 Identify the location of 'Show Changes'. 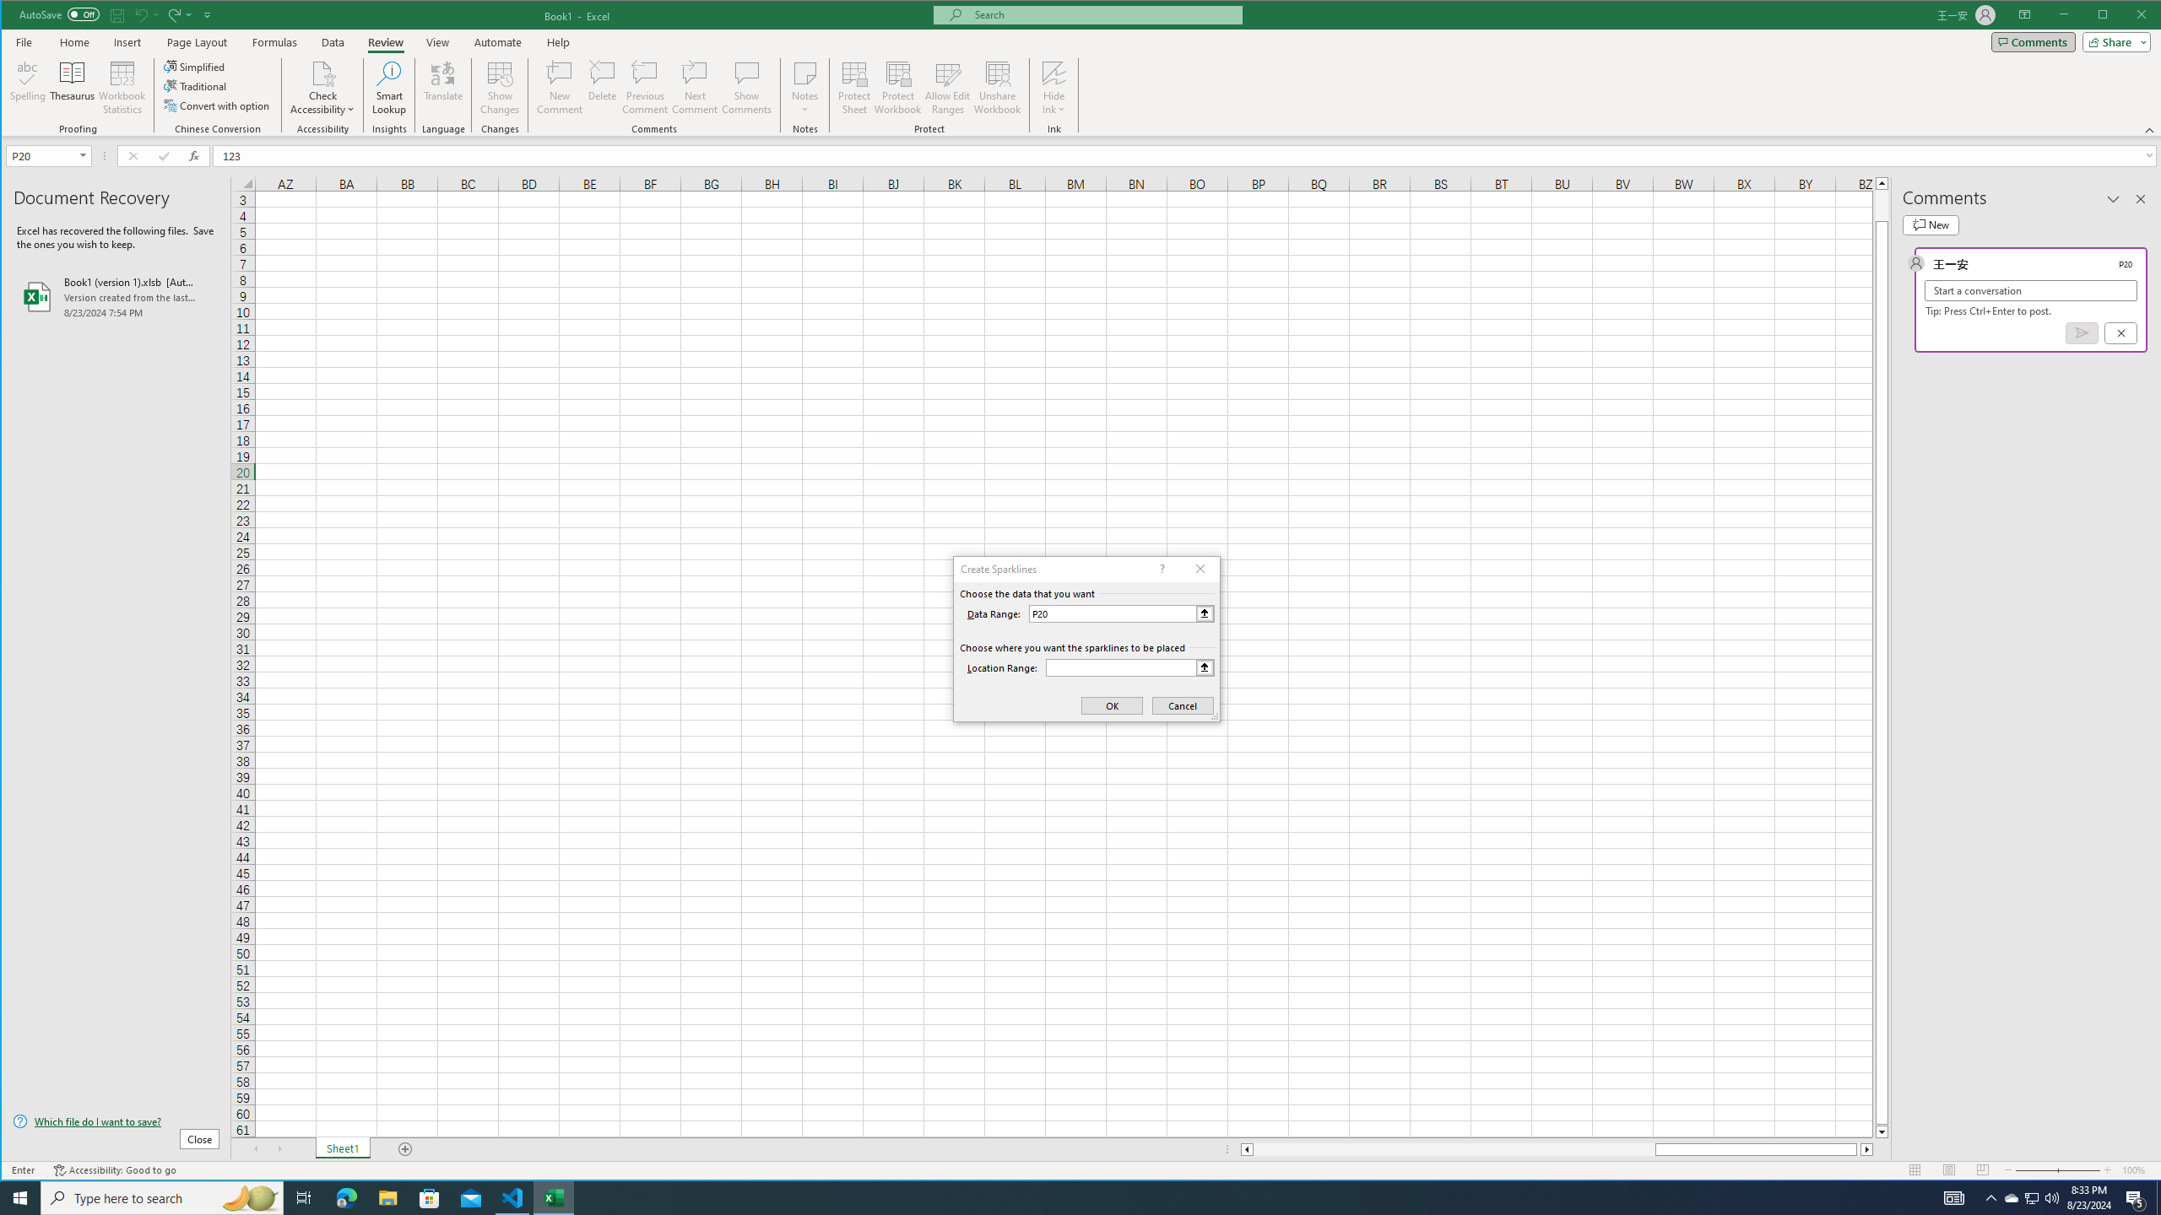
(499, 87).